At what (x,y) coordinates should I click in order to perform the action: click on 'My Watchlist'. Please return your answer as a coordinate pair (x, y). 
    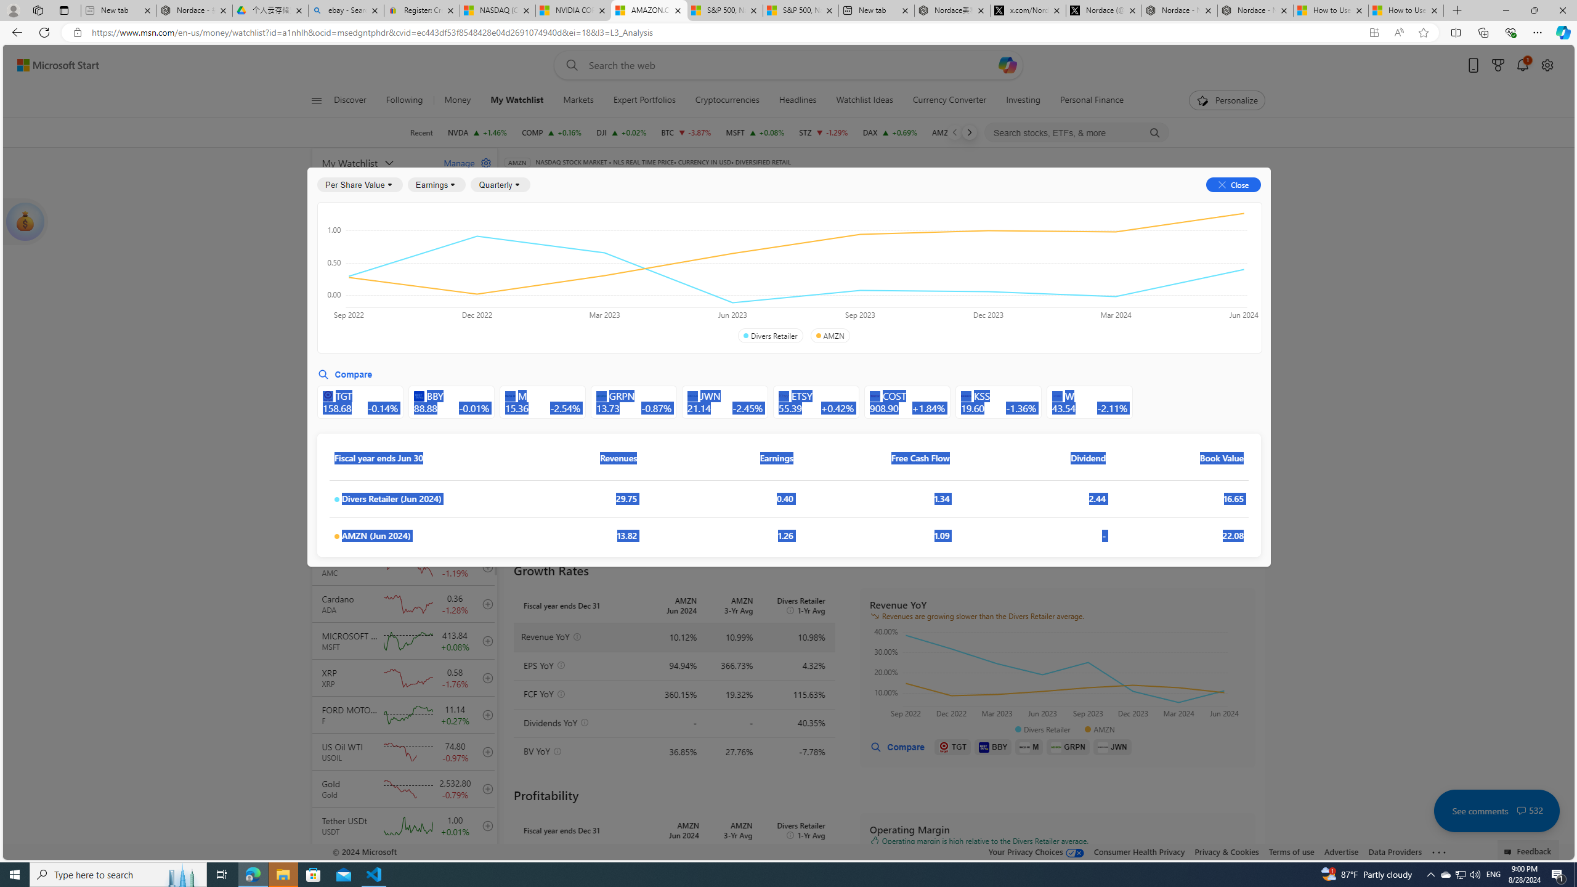
    Looking at the image, I should click on (375, 163).